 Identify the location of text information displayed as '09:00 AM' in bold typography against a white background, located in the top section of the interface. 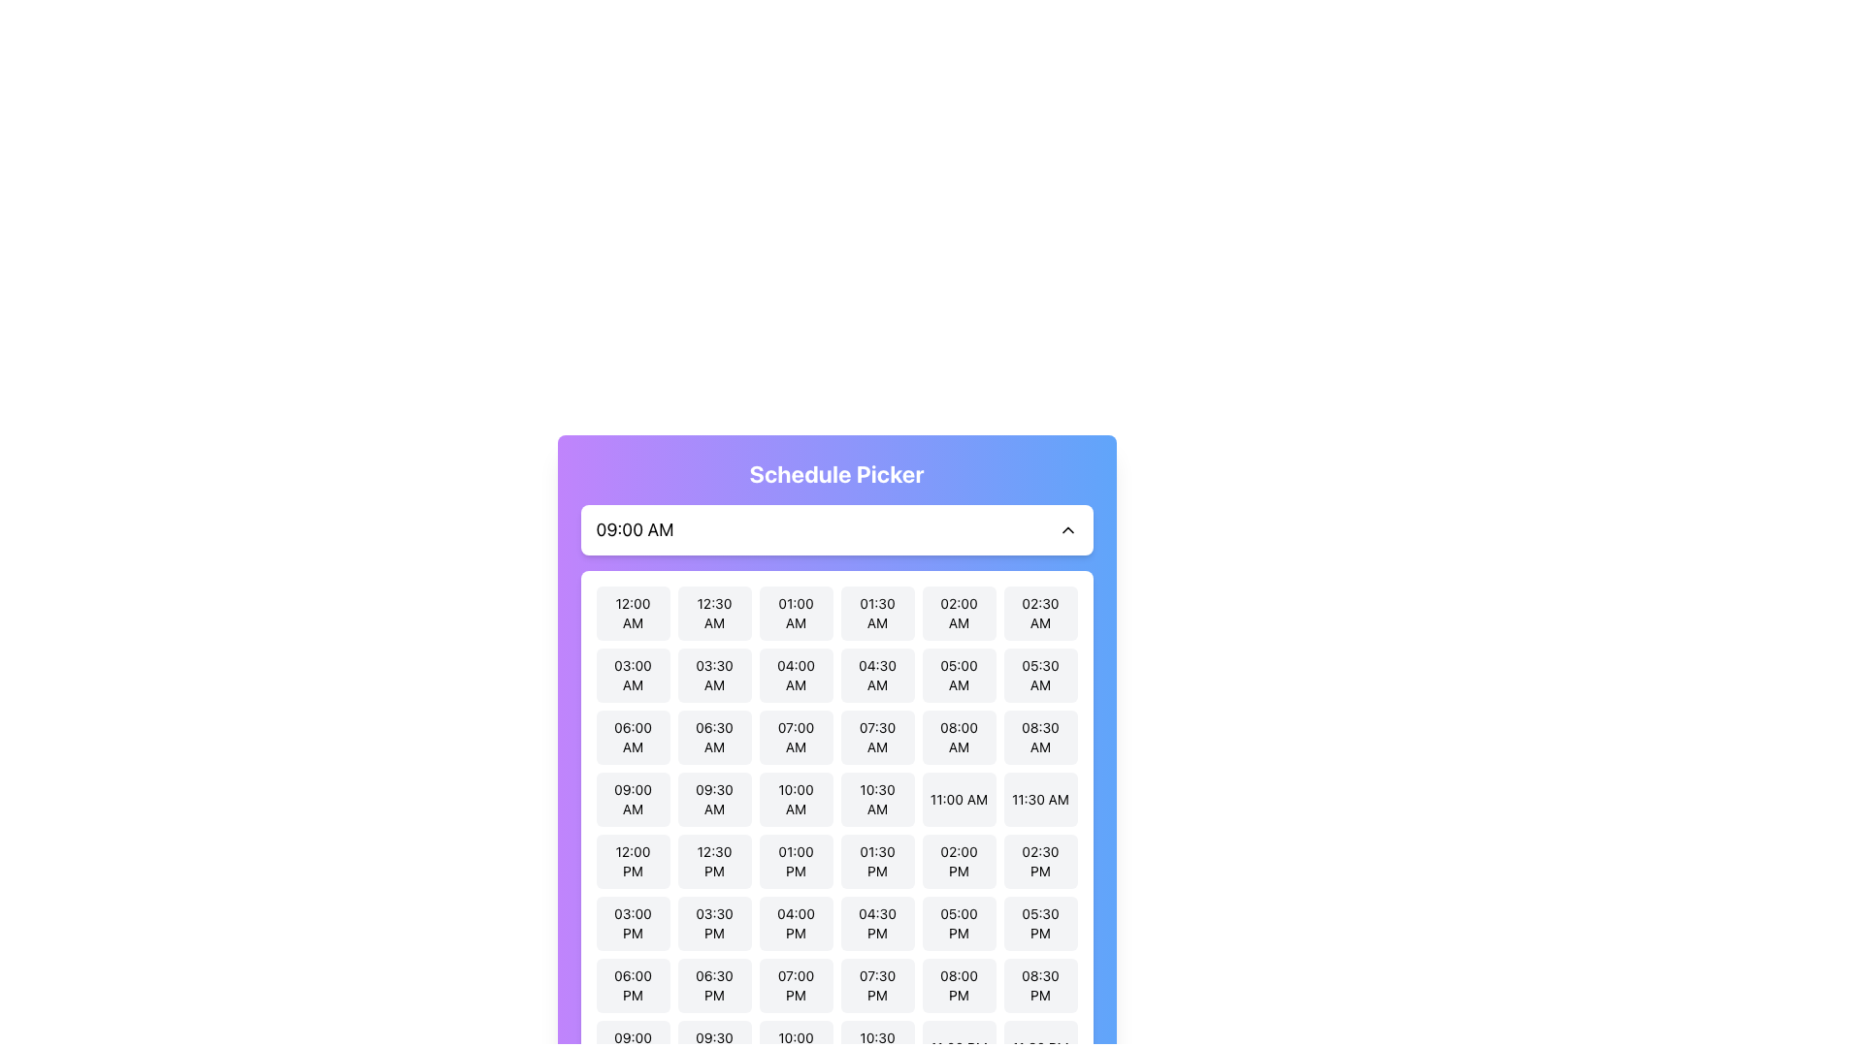
(635, 530).